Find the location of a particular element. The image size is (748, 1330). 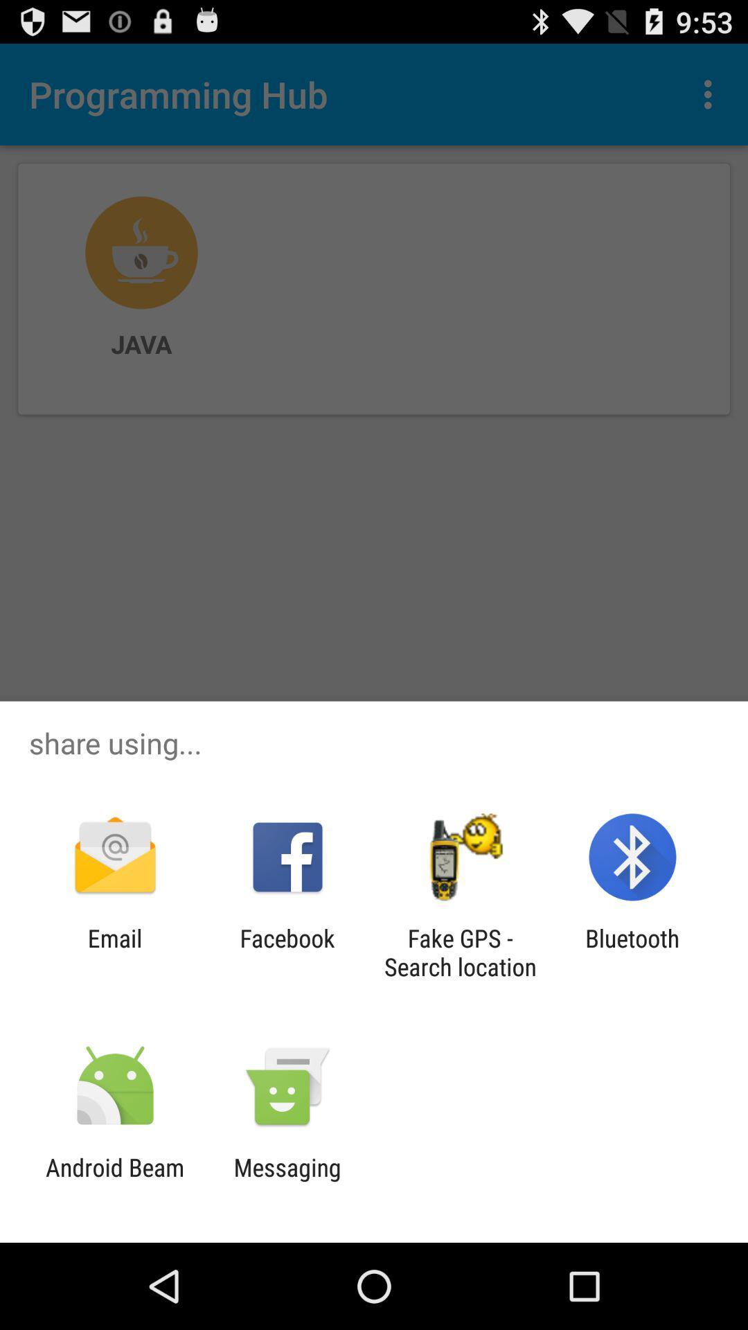

the icon to the right of fake gps search item is located at coordinates (632, 952).